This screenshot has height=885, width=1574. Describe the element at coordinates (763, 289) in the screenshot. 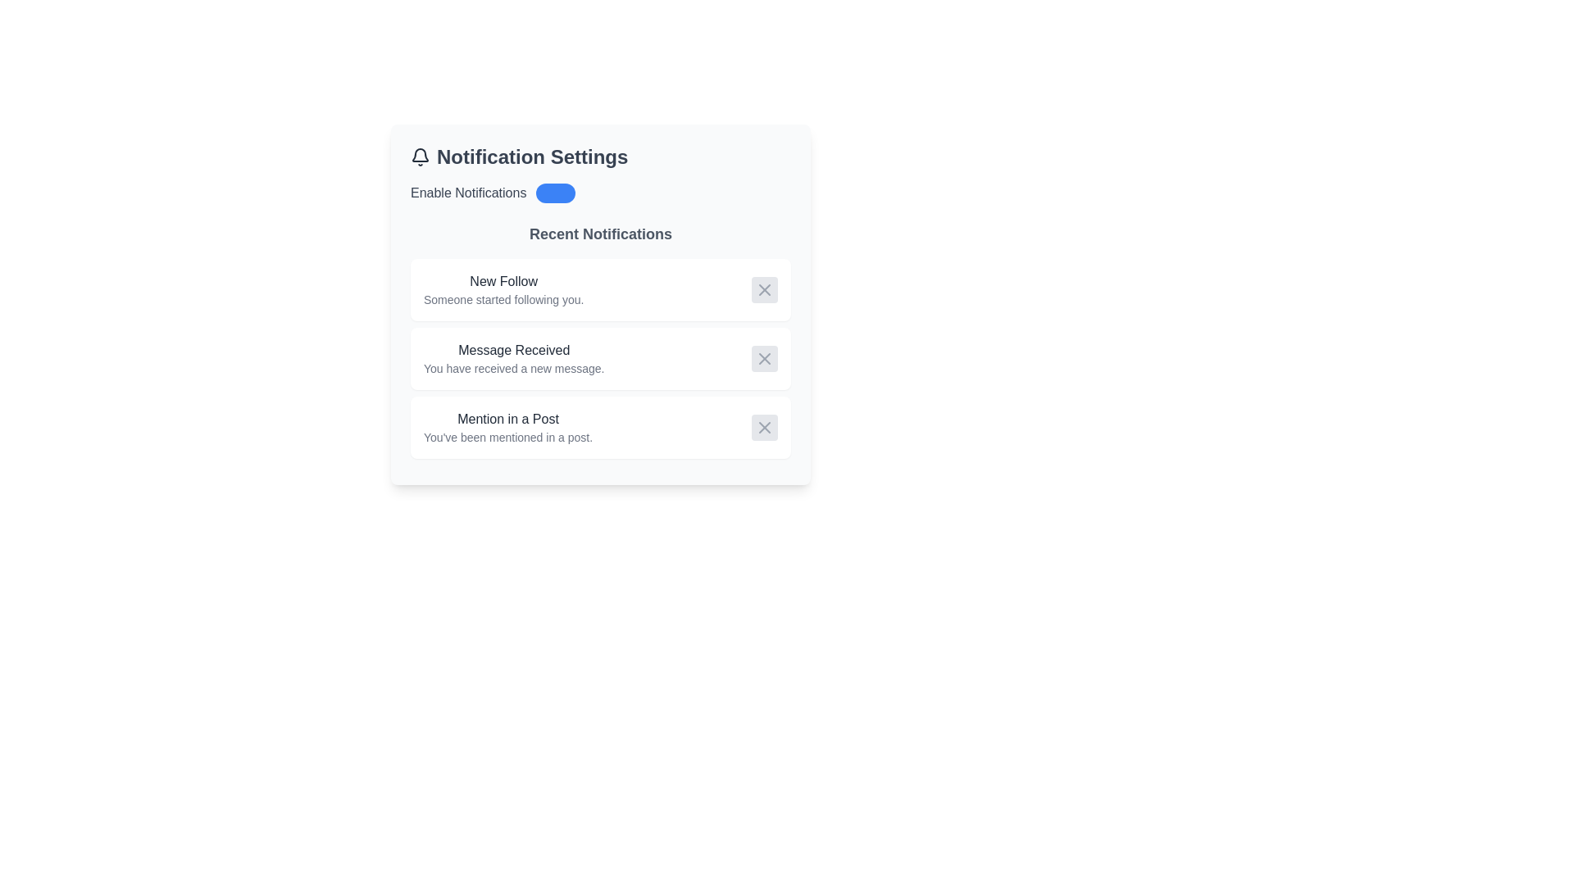

I see `the 'X' icon in the top right corner of the 'New Follow' notification entry in the 'Recent Notifications' section of the notification settings panel` at that location.